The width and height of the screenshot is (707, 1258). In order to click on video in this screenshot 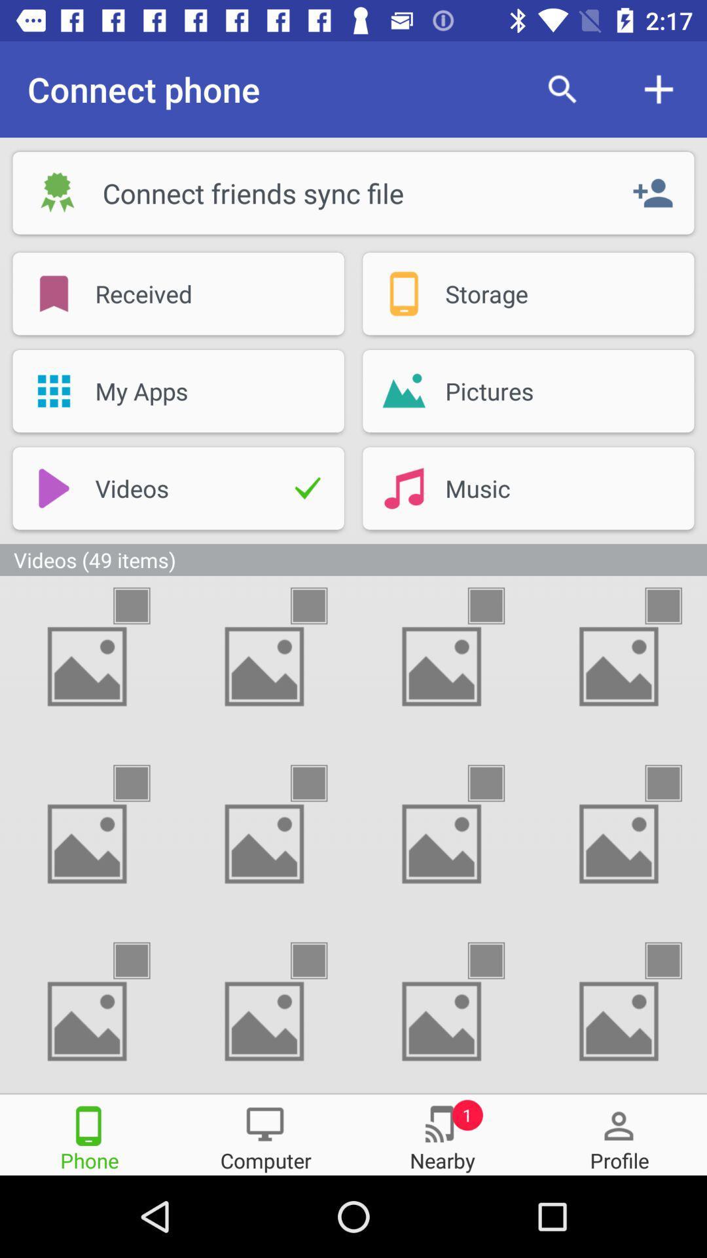, I will do `click(675, 961)`.